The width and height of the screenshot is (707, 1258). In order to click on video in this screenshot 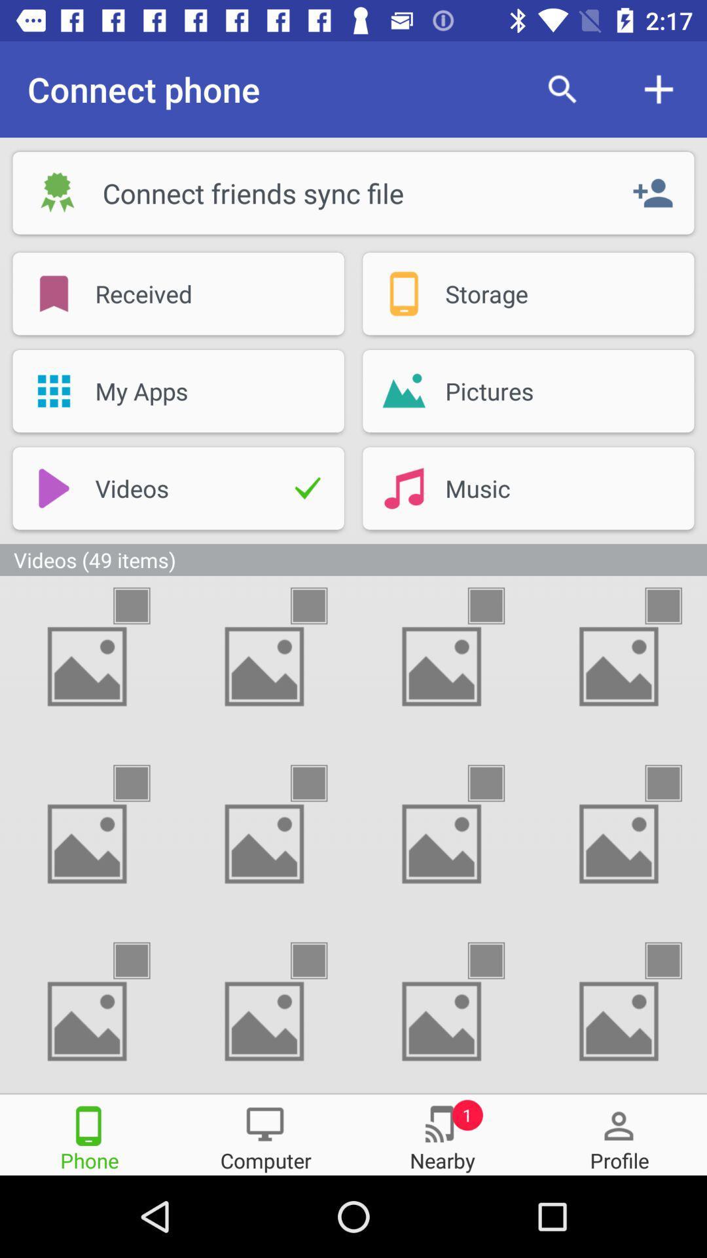, I will do `click(675, 961)`.